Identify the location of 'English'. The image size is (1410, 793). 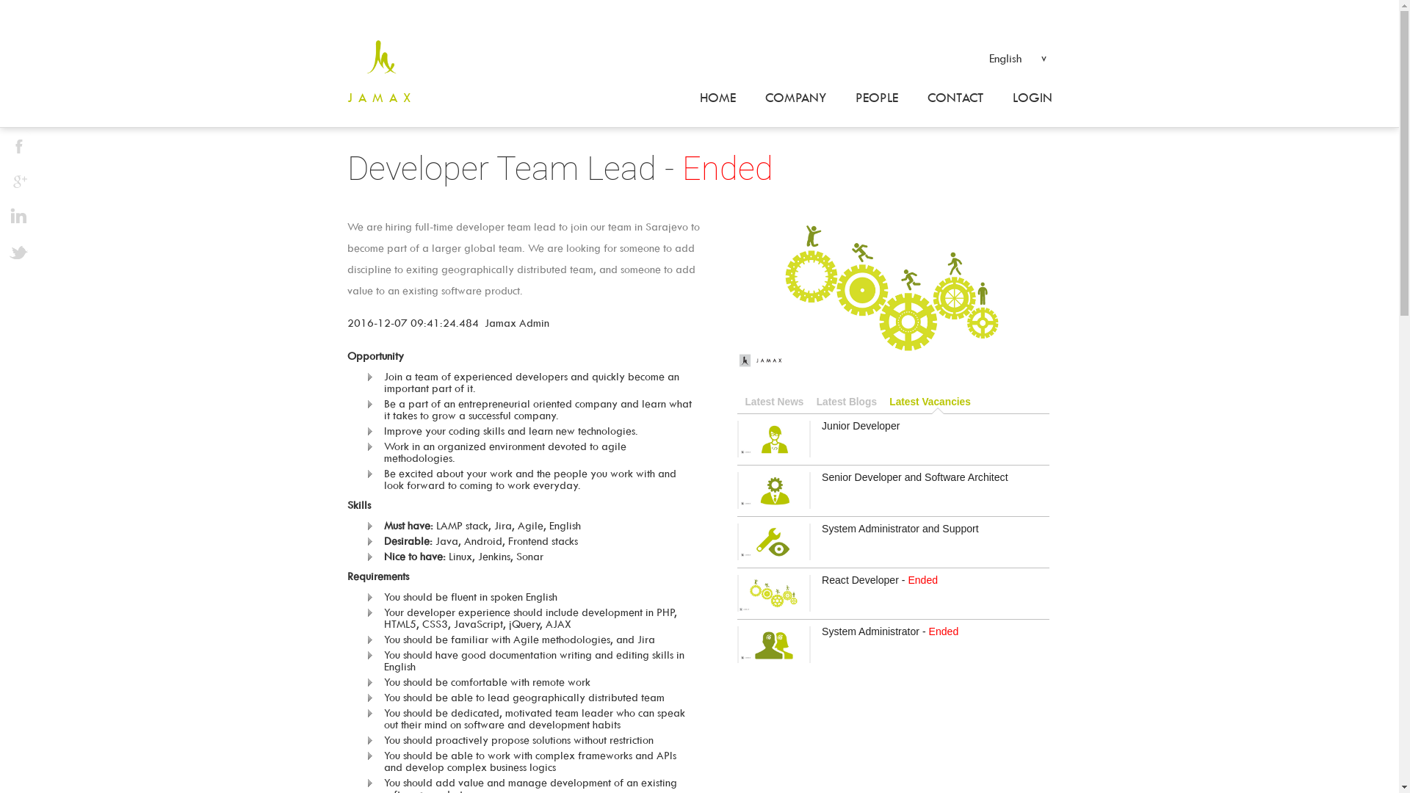
(982, 56).